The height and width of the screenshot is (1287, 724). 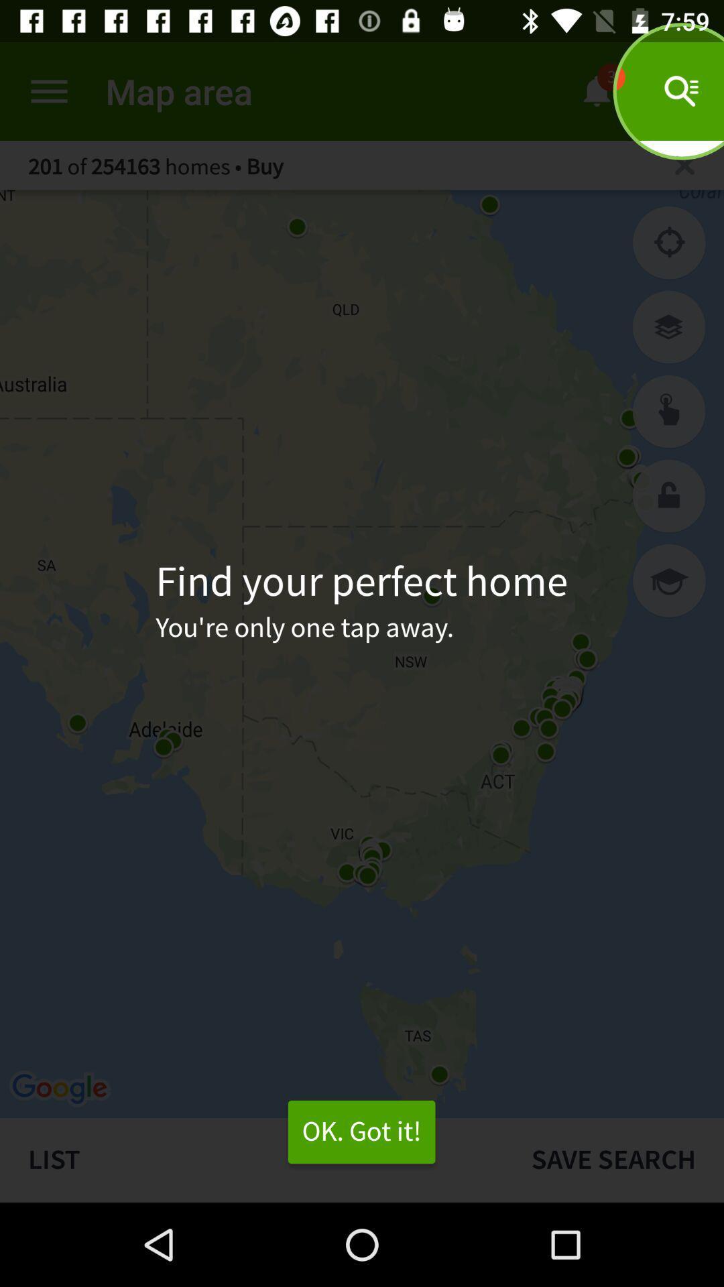 I want to click on the list item, so click(x=251, y=1160).